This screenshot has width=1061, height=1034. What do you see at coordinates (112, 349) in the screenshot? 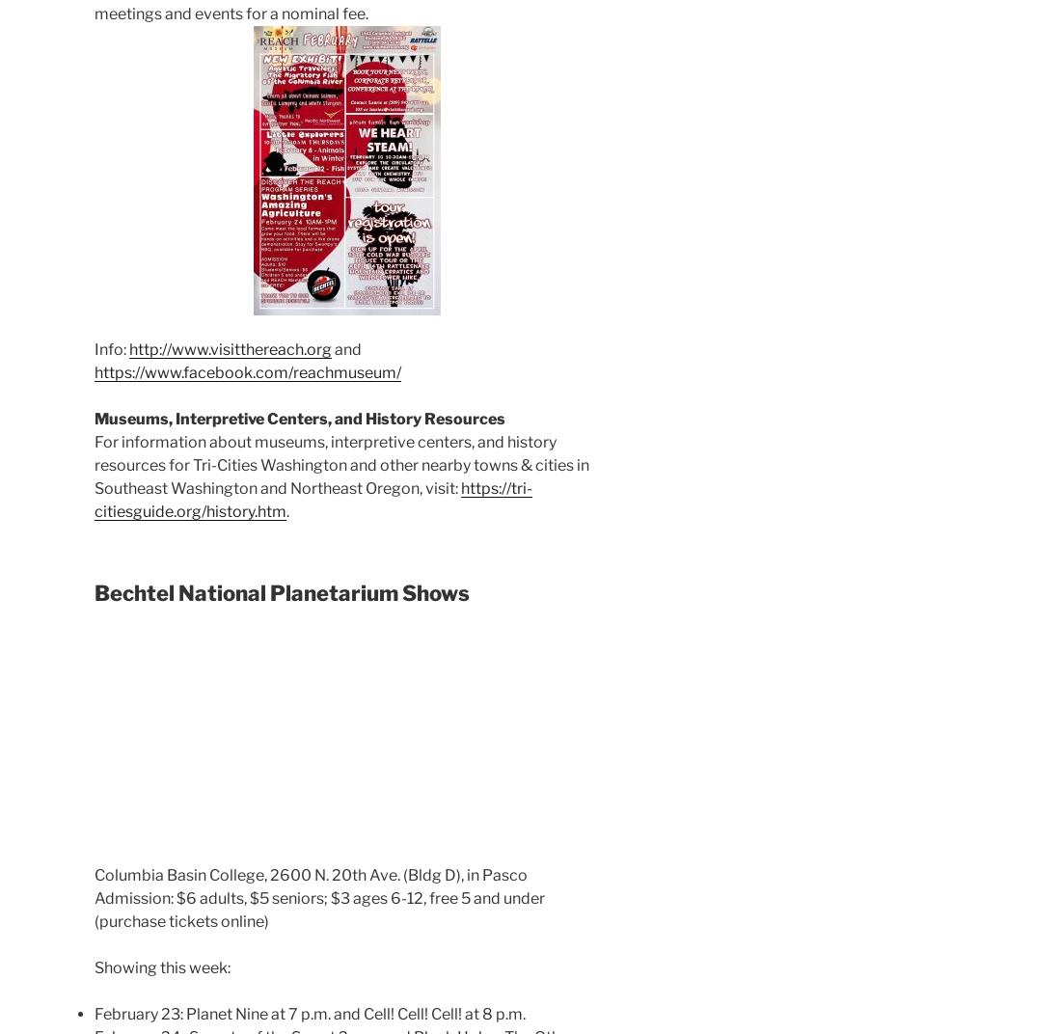
I see `'Info:'` at bounding box center [112, 349].